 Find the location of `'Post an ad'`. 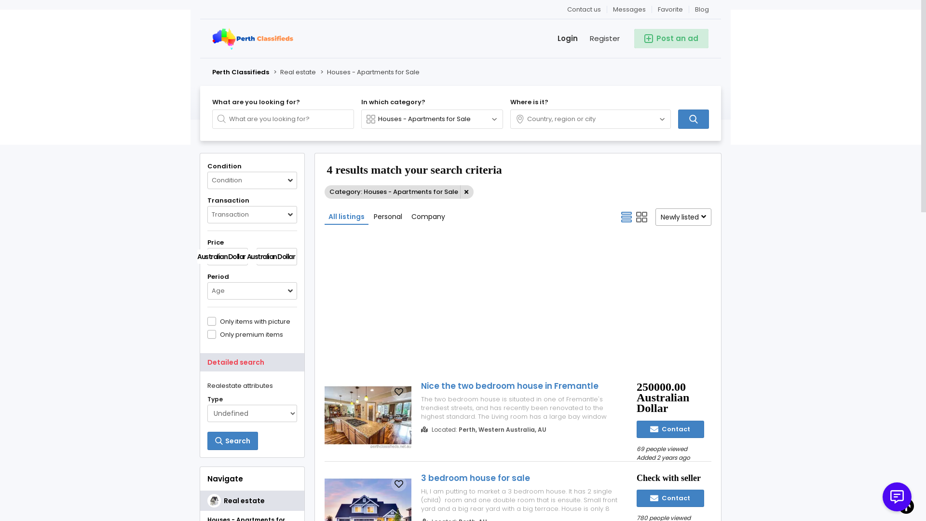

'Post an ad' is located at coordinates (634, 38).